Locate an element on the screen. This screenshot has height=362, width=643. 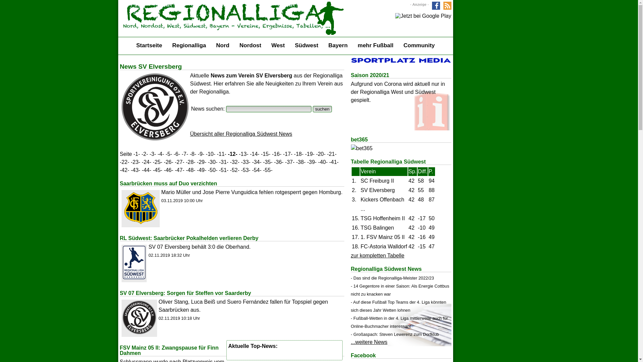
'-29-' is located at coordinates (201, 162).